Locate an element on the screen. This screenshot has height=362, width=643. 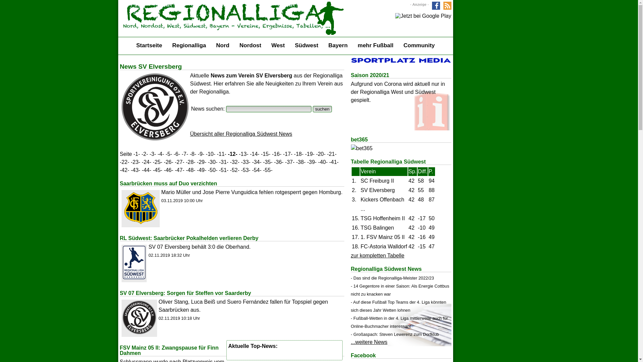
'-29-' is located at coordinates (201, 162).